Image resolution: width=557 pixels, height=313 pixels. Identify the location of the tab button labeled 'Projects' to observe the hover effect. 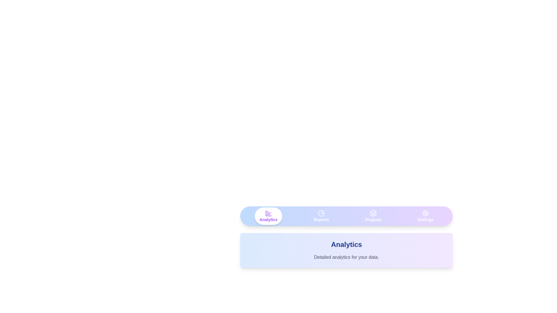
(373, 216).